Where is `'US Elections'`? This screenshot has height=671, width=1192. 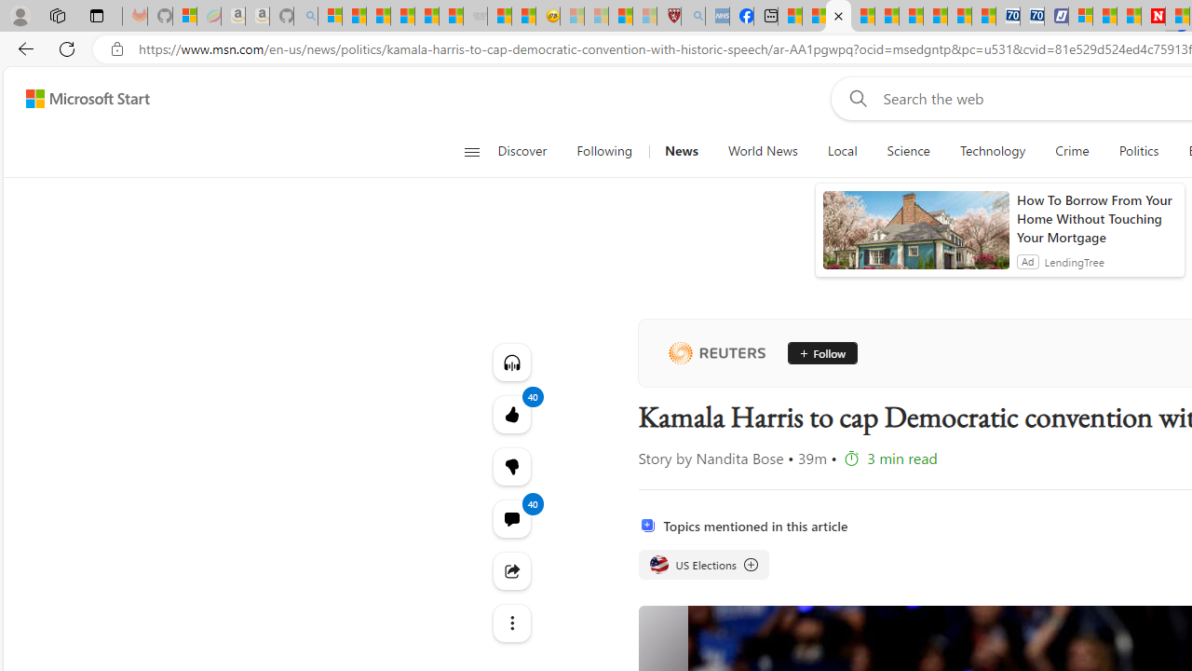 'US Elections' is located at coordinates (702, 563).